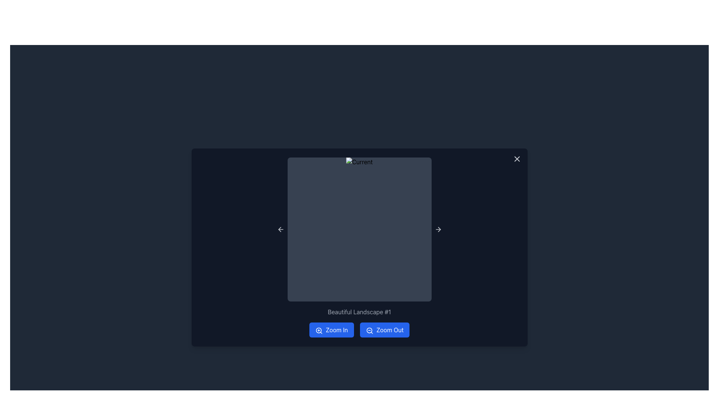  What do you see at coordinates (359, 329) in the screenshot?
I see `the 'Zoom In' button, which is part of a set of two horizontally arranged buttons labeled 'Zoom In' and 'Zoom Out', both styled with a blue background and white text, positioned beneath the text 'Beautiful Landscape #1'` at bounding box center [359, 329].